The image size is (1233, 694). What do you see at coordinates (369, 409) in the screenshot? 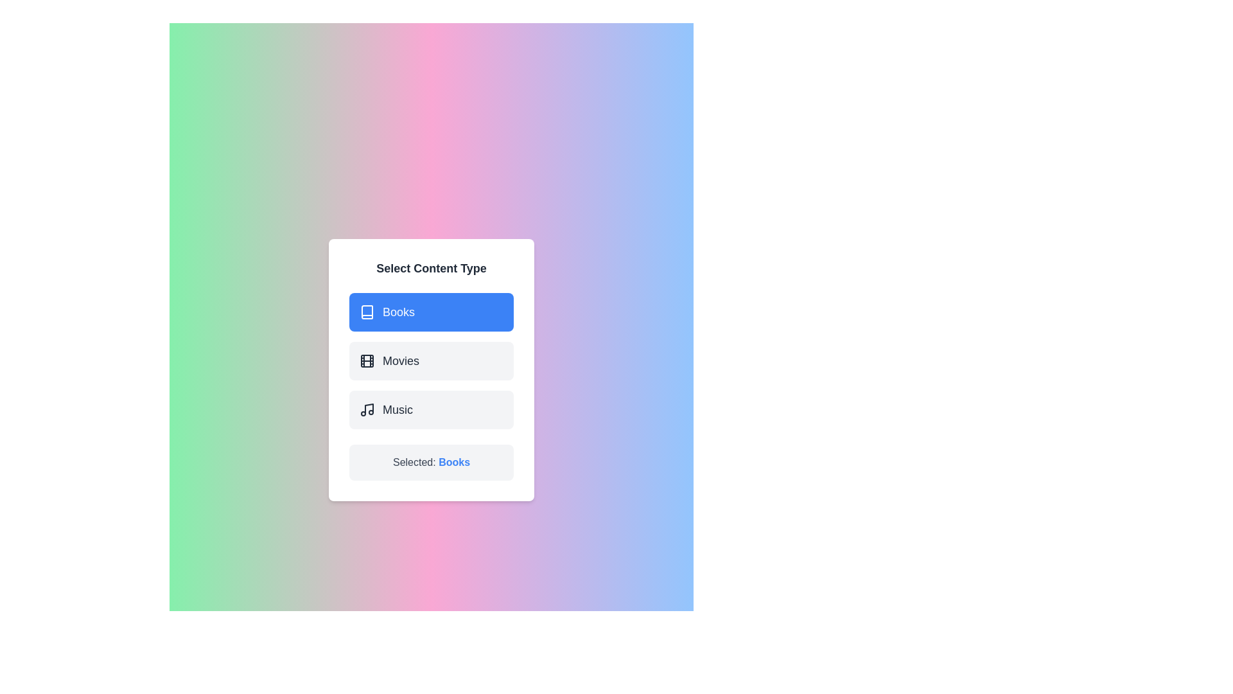
I see `the central vertical line of the music icon, which is the third option in the vertical selection menu next to the 'Music' label` at bounding box center [369, 409].